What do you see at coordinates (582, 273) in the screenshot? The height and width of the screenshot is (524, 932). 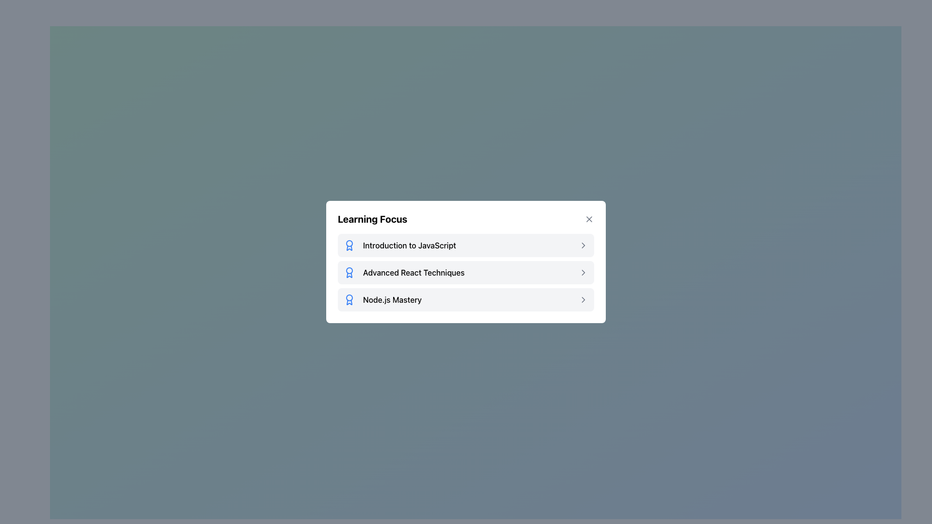 I see `the chevron icon located to the immediate right of the text 'Advanced React Techniques' within the modal component` at bounding box center [582, 273].